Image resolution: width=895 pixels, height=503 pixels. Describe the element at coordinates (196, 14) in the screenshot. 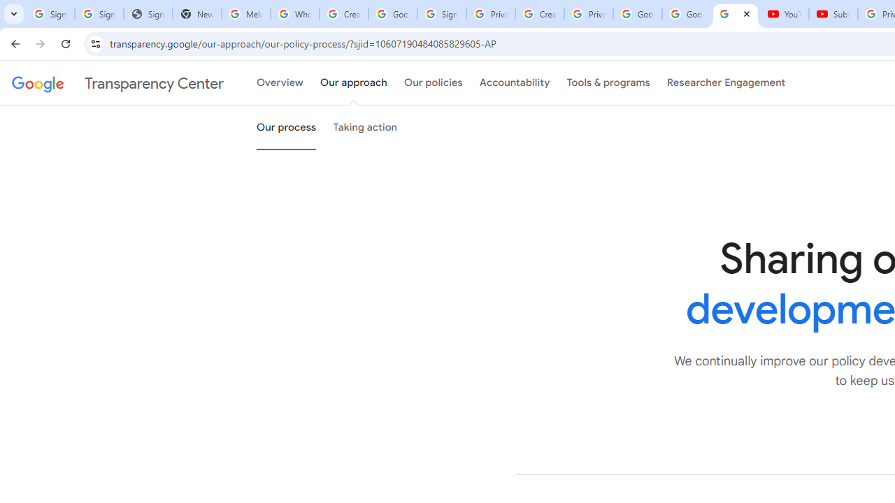

I see `'New Tab'` at that location.